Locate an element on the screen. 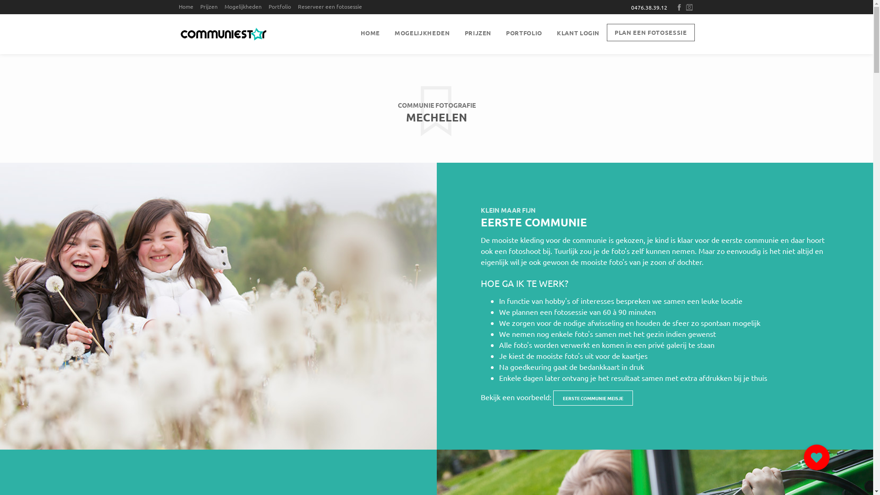 Image resolution: width=880 pixels, height=495 pixels. 'HOME' is located at coordinates (370, 33).